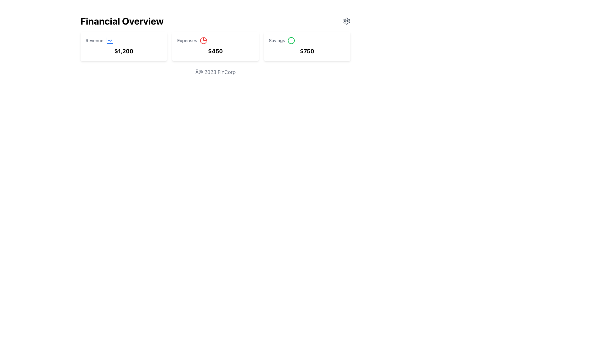  What do you see at coordinates (215, 51) in the screenshot?
I see `the bold text label displaying '$450', which is located below the title 'Expenses' and to the right of a pie chart icon within a card-like layout` at bounding box center [215, 51].